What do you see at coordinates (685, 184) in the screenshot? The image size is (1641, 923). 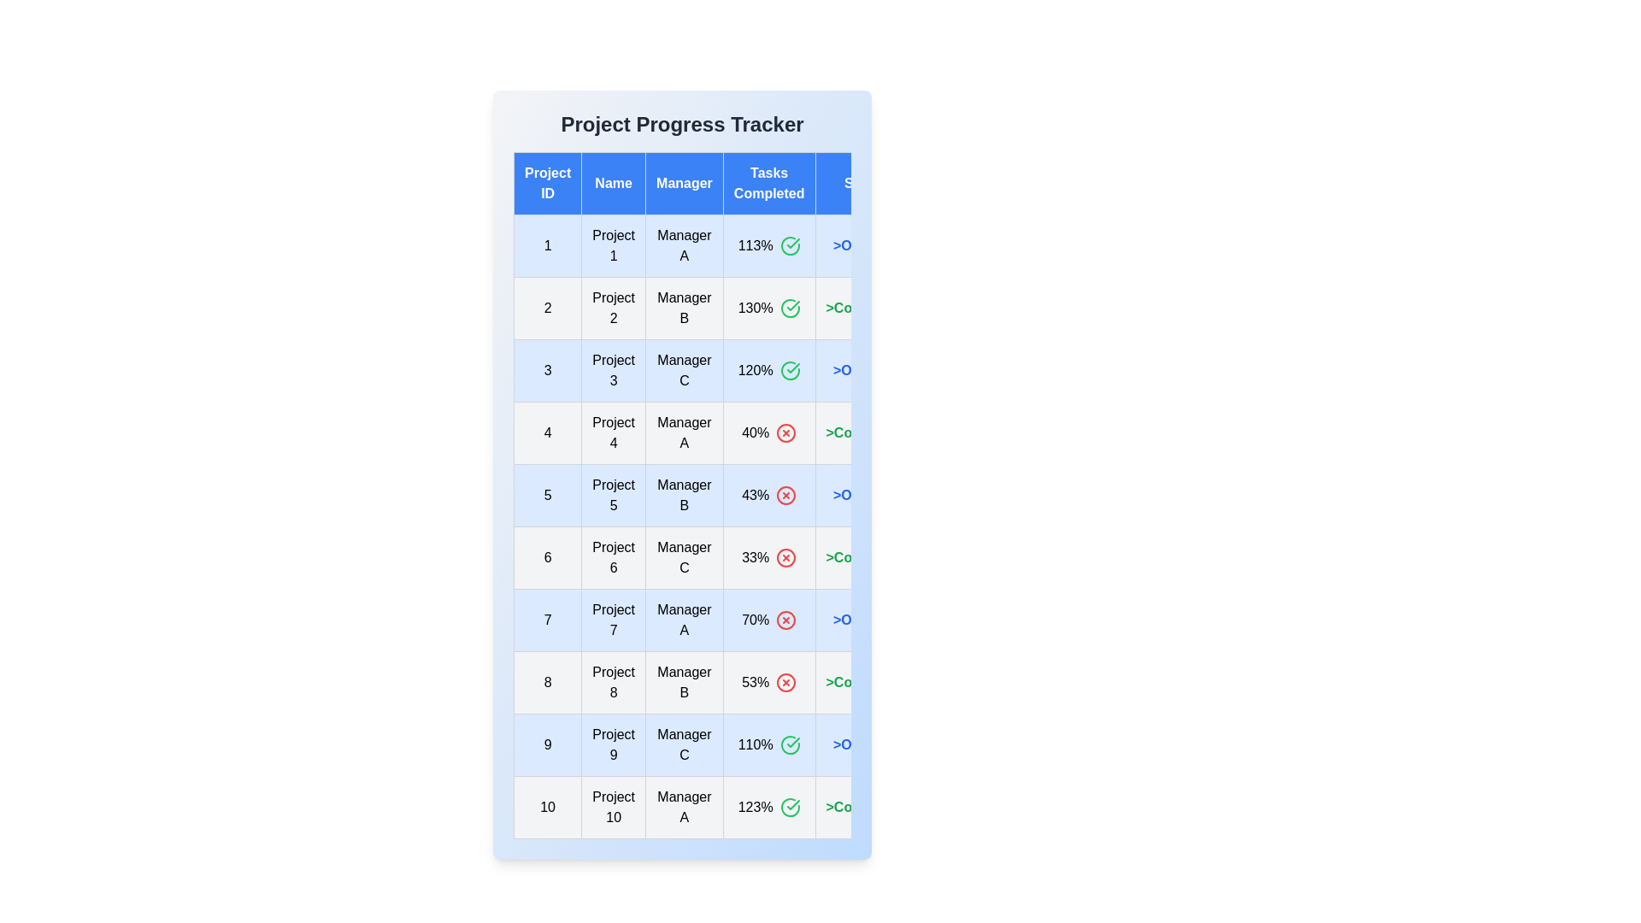 I see `the column header Manager to sort the table by that column` at bounding box center [685, 184].